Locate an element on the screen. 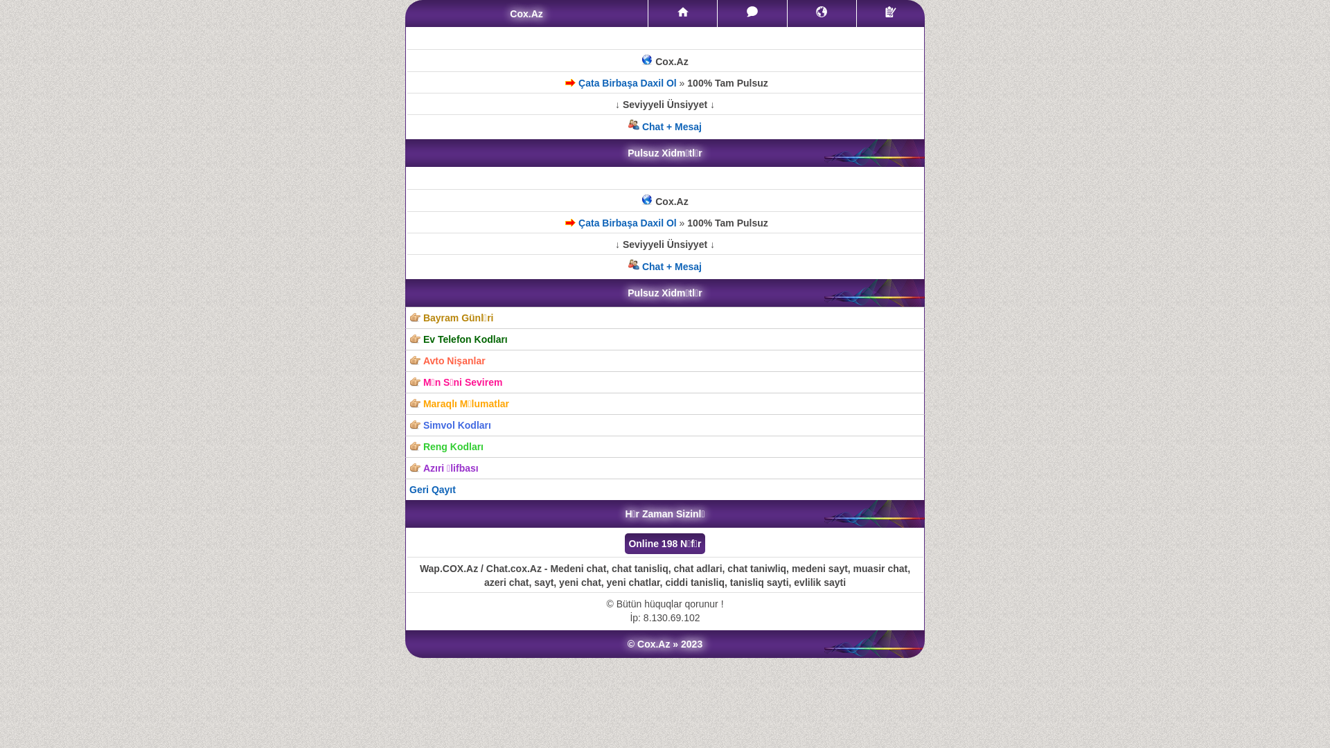 The width and height of the screenshot is (1330, 748). 'Mesajlar' is located at coordinates (751, 13).